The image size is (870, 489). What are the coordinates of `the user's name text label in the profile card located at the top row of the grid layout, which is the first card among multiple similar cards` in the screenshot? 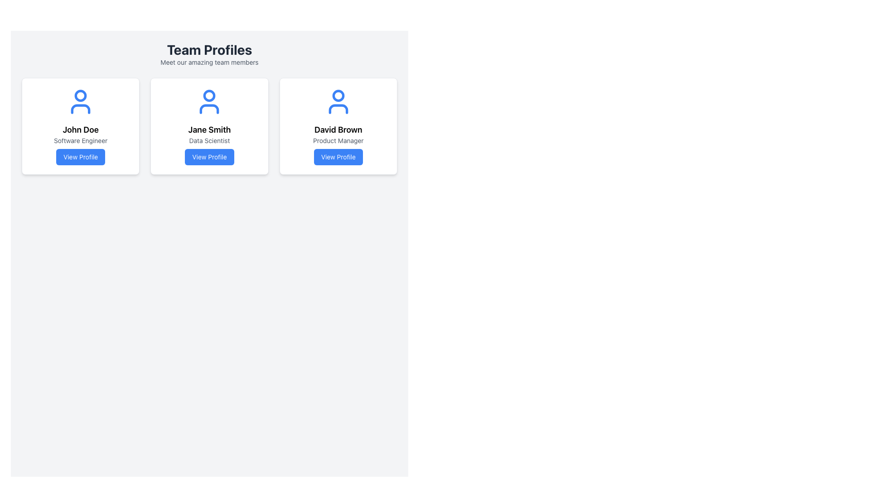 It's located at (81, 129).